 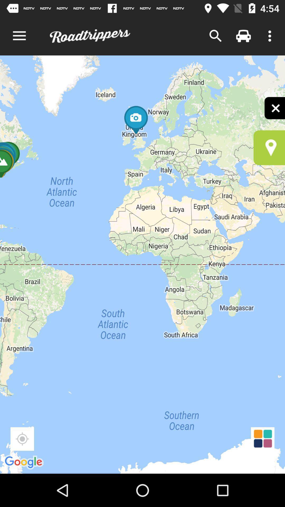 What do you see at coordinates (142, 265) in the screenshot?
I see `the item at the center` at bounding box center [142, 265].